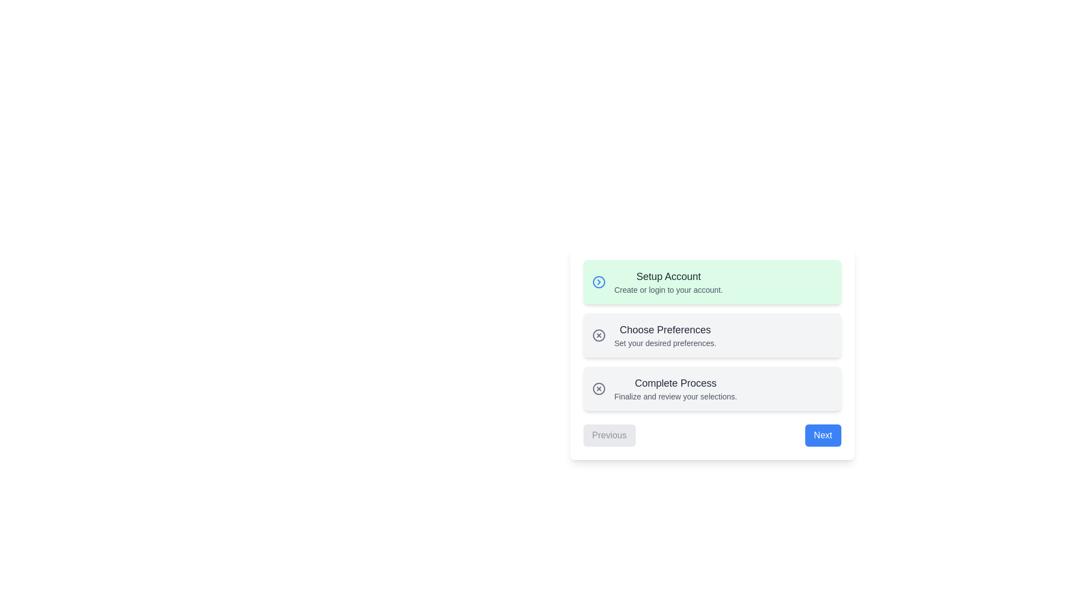  Describe the element at coordinates (712, 282) in the screenshot. I see `the 'Setup Account' button-like card element, which is the first in a vertical list of cards` at that location.